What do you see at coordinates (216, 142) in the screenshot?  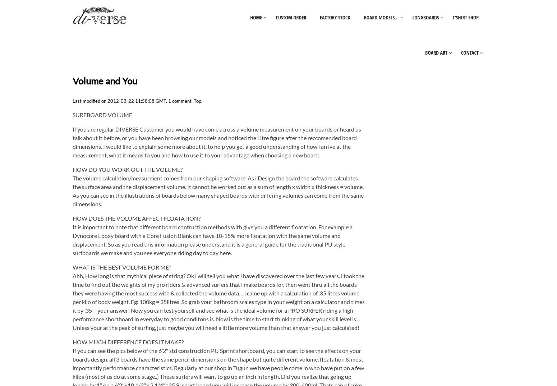 I see `'If you are regular DIVERSE Customer you would have come across a volume measurement on your boards or heard us talk about it before, or you have been browsing our models and noticed the Litre figure after the reccomended board dimensions. I would like to explain some more about it, to help you get a good understanding of how i arrive at the measurement, what it means to you and how to use it to your advantage when choosing a new board.'` at bounding box center [216, 142].